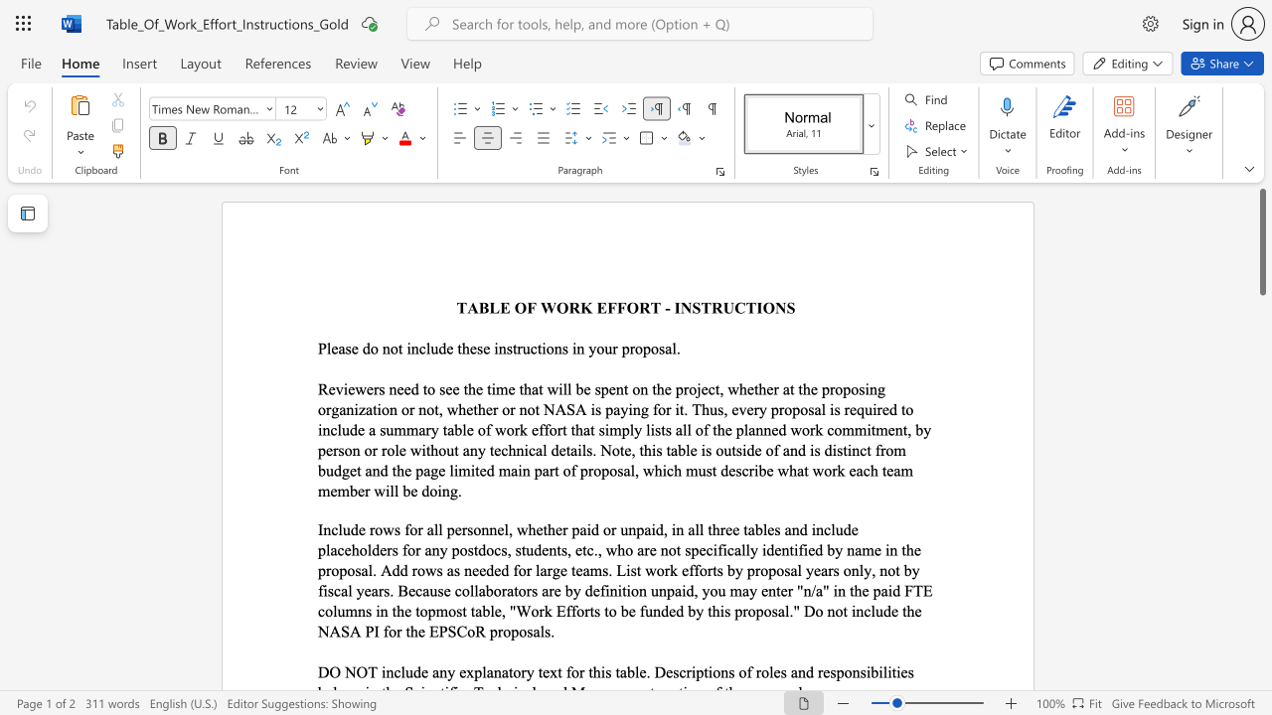  I want to click on the scrollbar on the right, so click(1261, 447).